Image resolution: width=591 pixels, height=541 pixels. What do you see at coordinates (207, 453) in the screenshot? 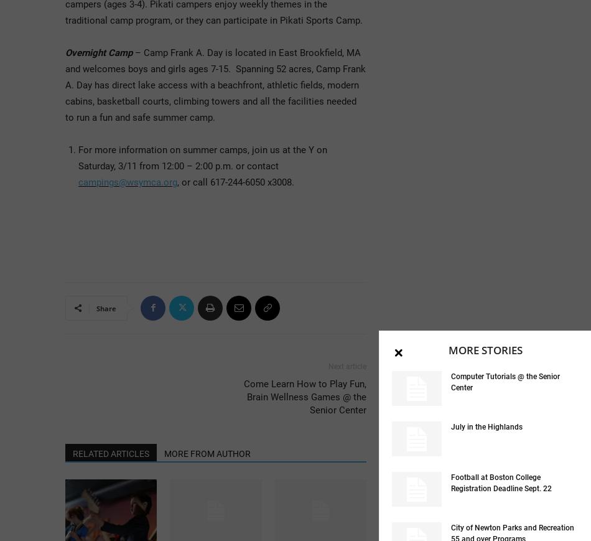
I see `'MORE FROM AUTHOR'` at bounding box center [207, 453].